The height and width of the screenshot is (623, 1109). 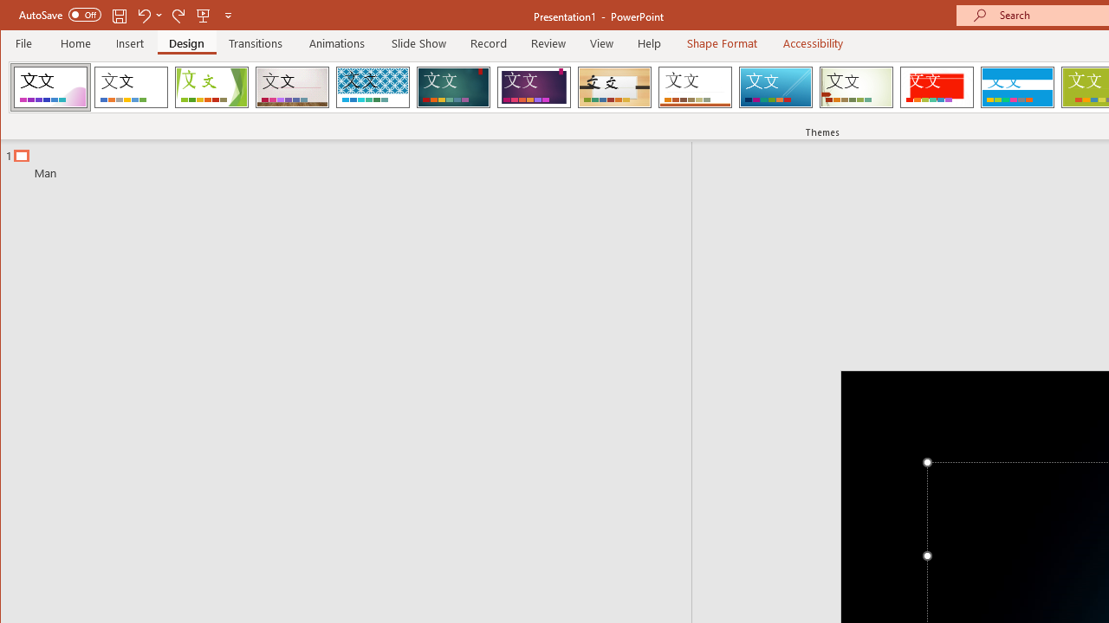 I want to click on 'SwellVTI', so click(x=50, y=87).